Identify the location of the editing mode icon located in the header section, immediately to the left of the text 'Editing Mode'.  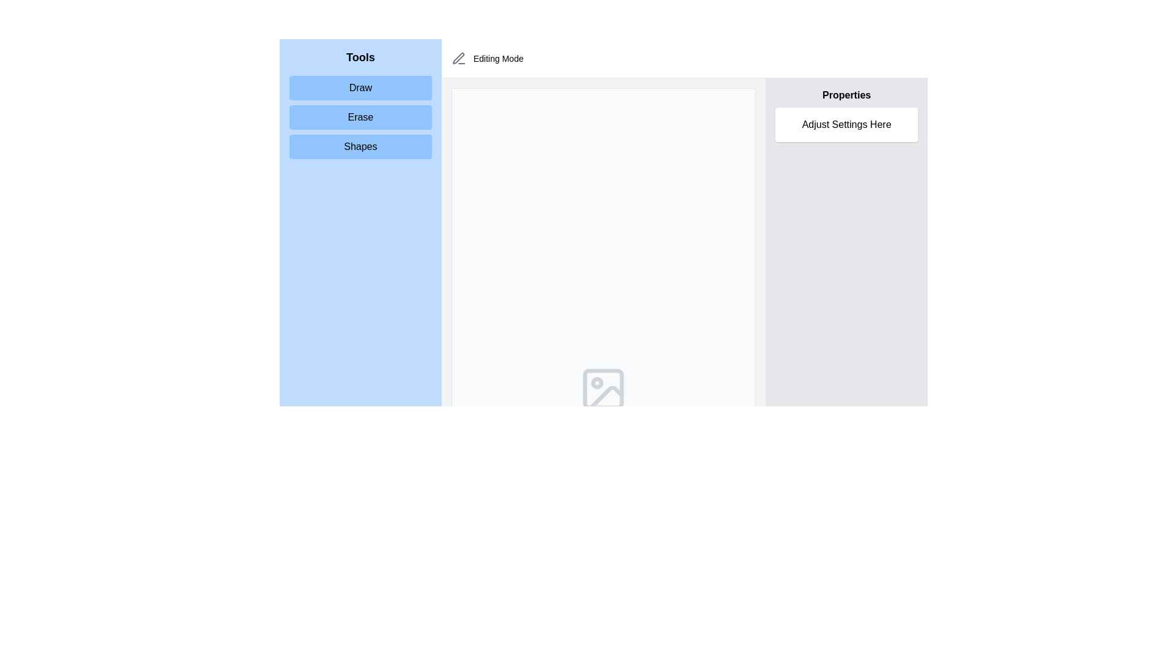
(458, 58).